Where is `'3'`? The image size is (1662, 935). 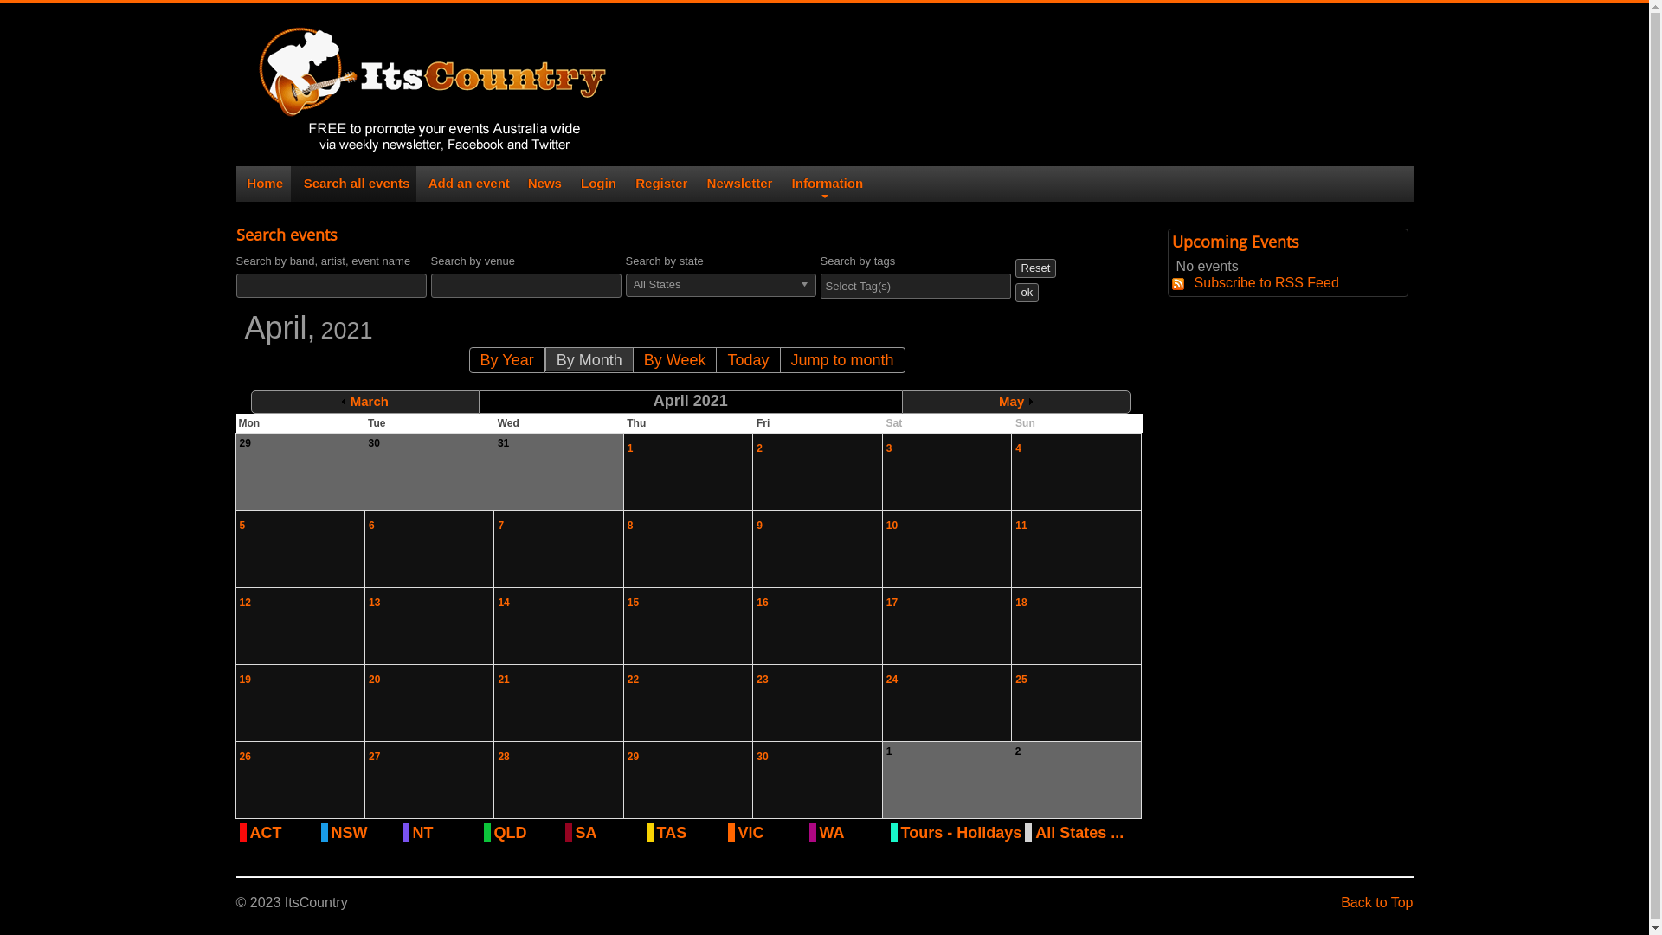
'3' is located at coordinates (889, 447).